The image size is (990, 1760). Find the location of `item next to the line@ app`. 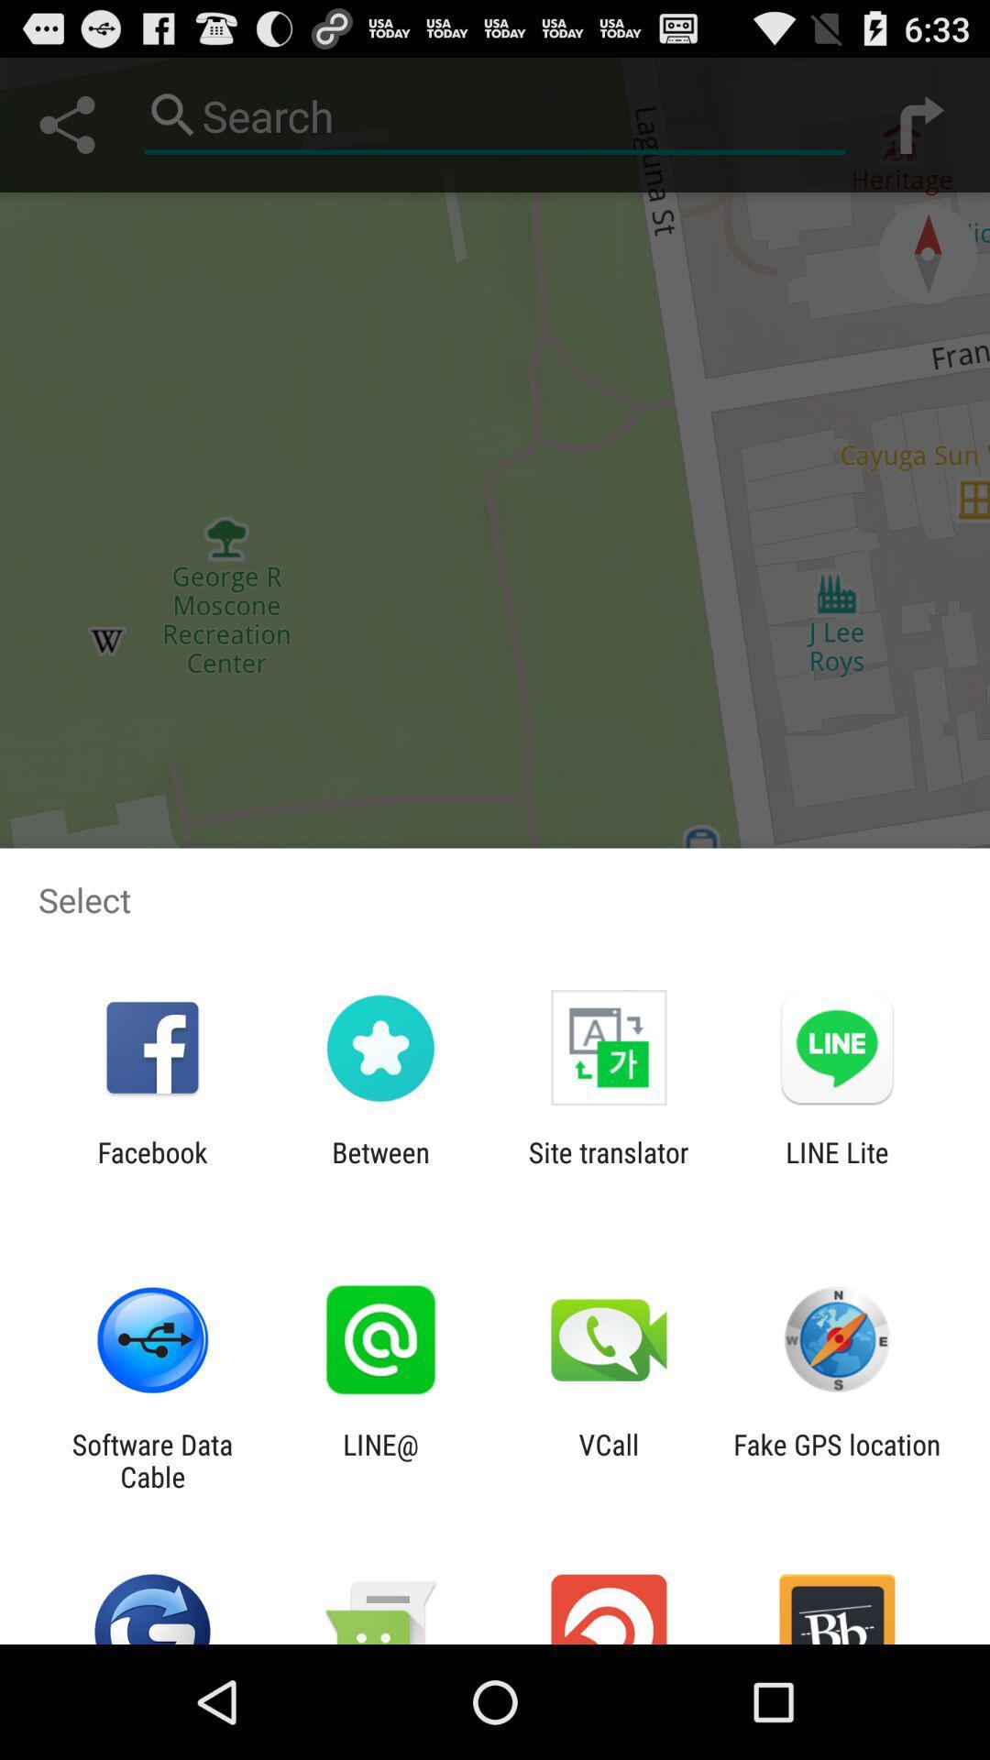

item next to the line@ app is located at coordinates (609, 1459).